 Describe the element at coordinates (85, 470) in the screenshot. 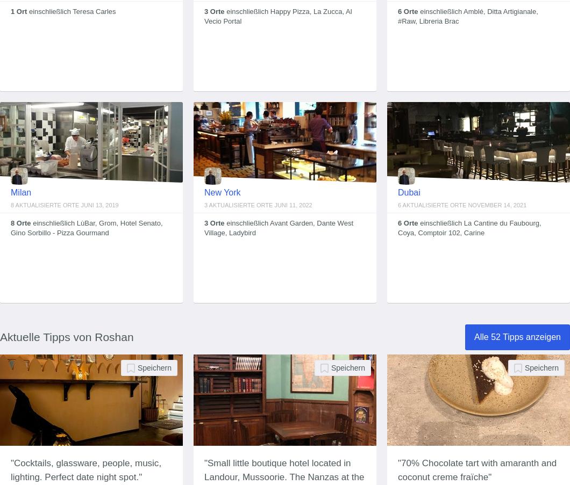

I see `', lighting. Perfect'` at that location.